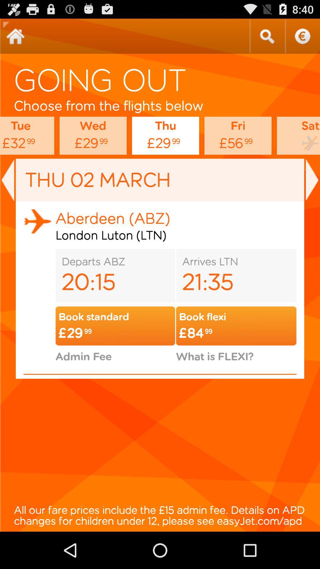  Describe the element at coordinates (302, 36) in the screenshot. I see `change currency` at that location.